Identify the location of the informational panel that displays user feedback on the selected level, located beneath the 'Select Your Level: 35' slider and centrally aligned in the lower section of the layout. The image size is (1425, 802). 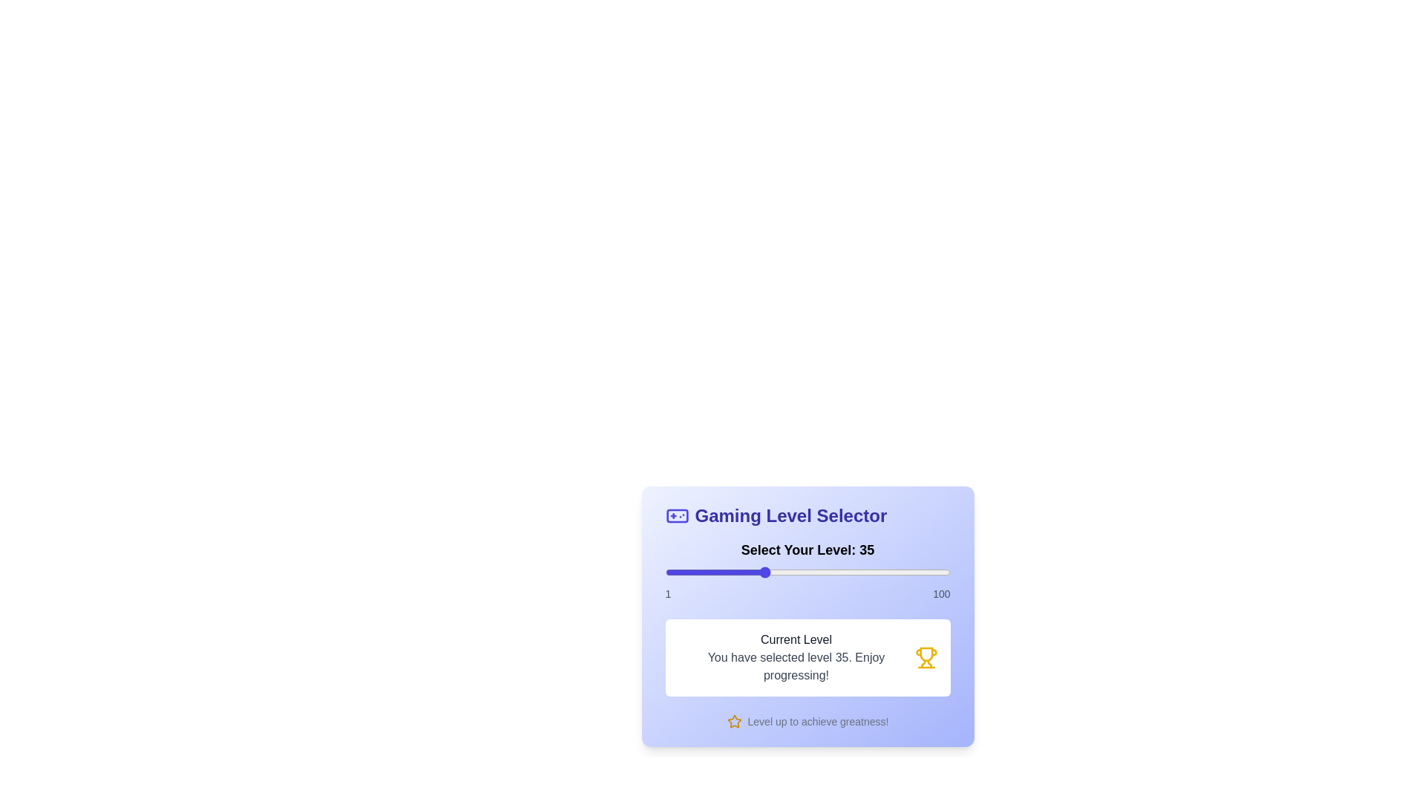
(807, 657).